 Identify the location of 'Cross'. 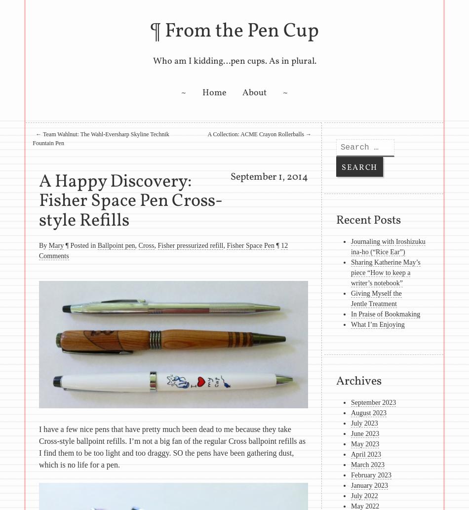
(146, 245).